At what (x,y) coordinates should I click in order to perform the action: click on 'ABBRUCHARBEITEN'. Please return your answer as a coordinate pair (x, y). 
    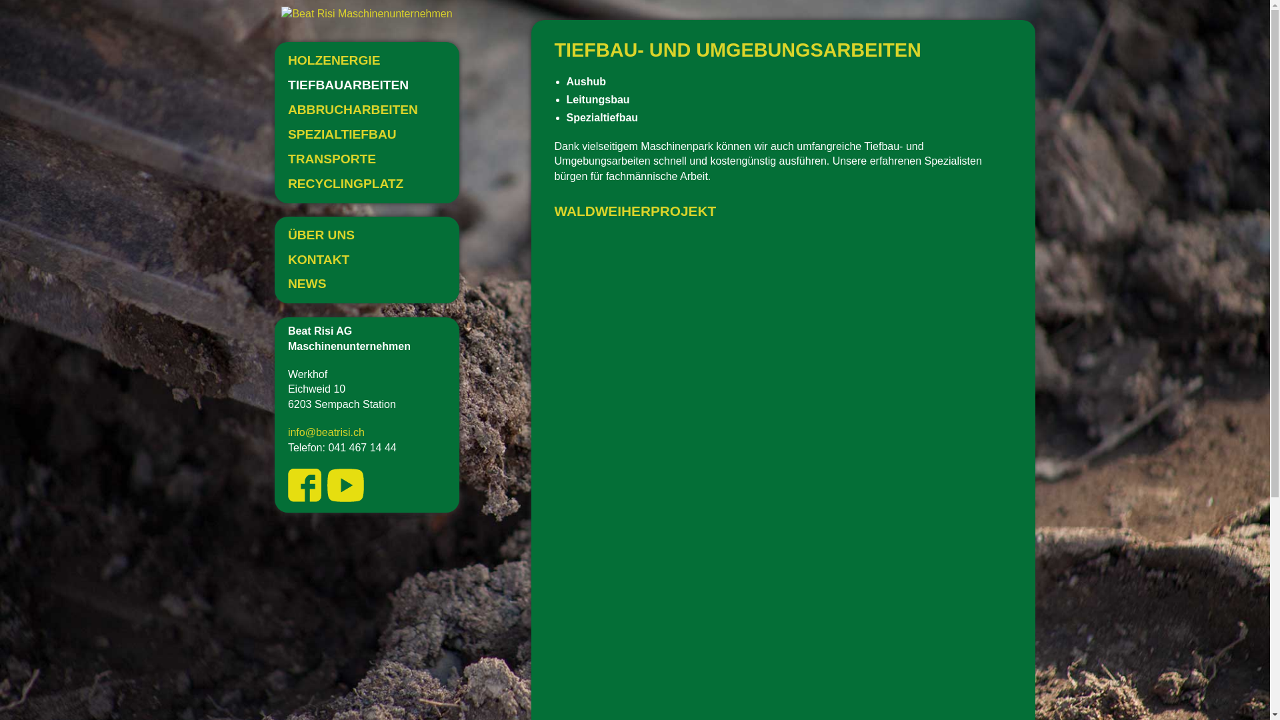
    Looking at the image, I should click on (367, 109).